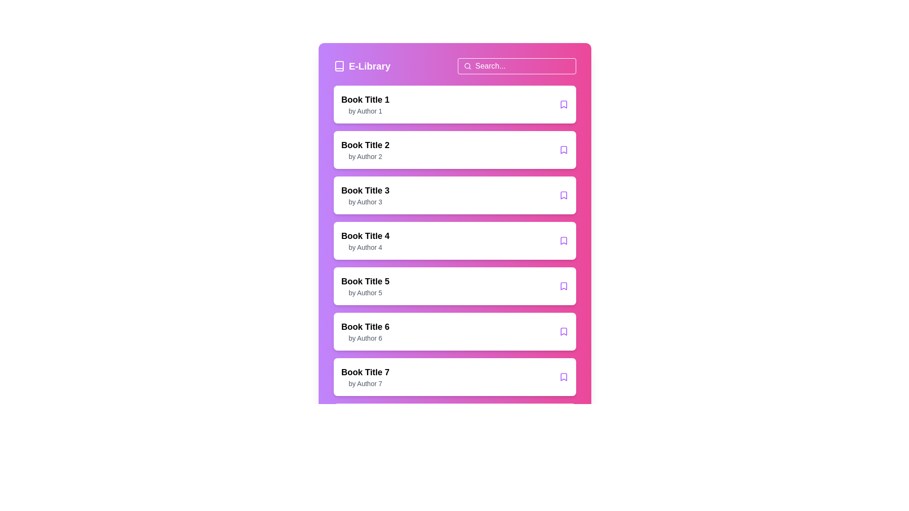 This screenshot has width=909, height=511. I want to click on the text label displaying the author's name for 'Book Title 6', which is positioned below the book title in the vertical list layout, so click(365, 337).